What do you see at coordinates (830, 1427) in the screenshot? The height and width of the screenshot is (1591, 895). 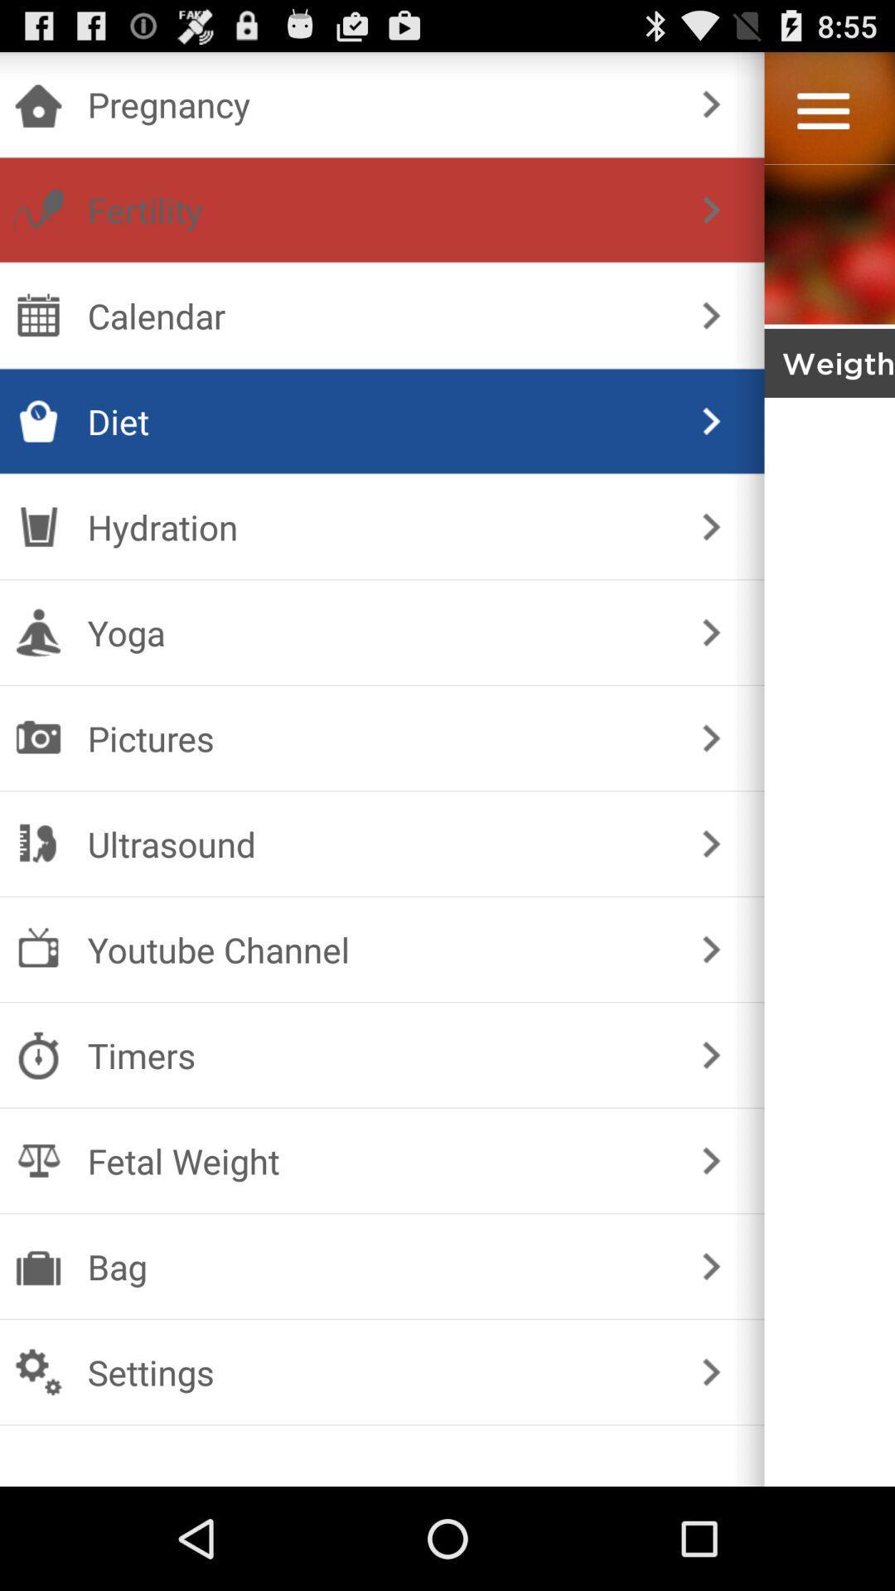 I see `menu` at bounding box center [830, 1427].